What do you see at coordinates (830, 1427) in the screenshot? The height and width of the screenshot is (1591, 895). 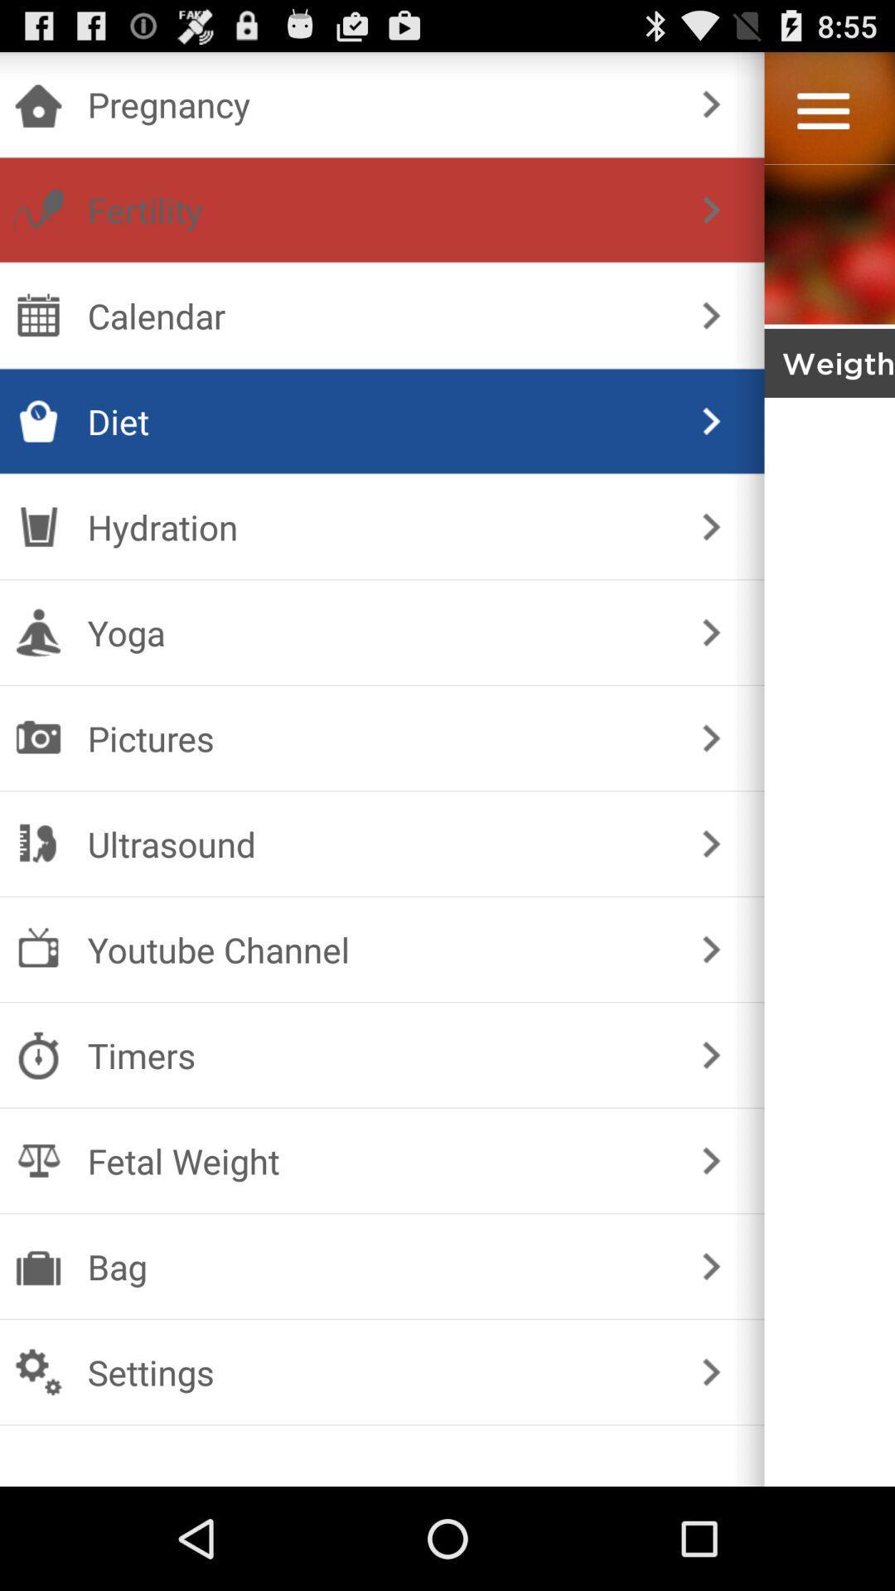 I see `menu` at bounding box center [830, 1427].